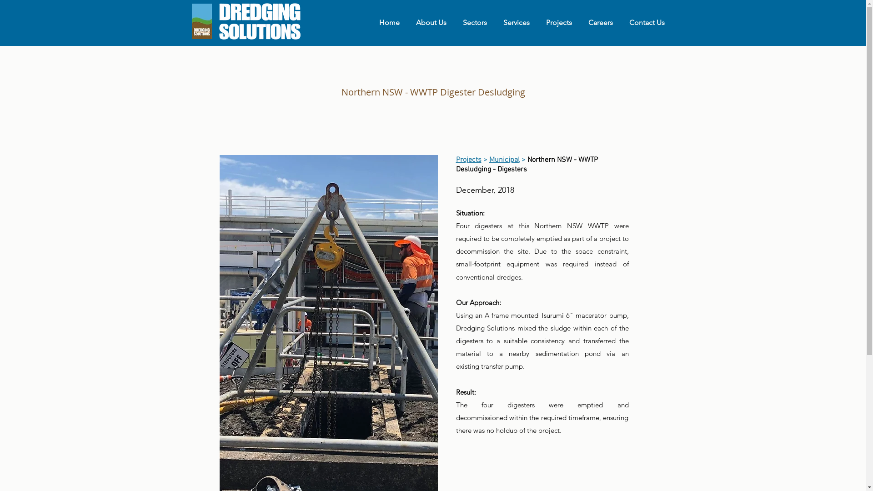 This screenshot has height=491, width=873. What do you see at coordinates (504, 159) in the screenshot?
I see `'Municipal'` at bounding box center [504, 159].